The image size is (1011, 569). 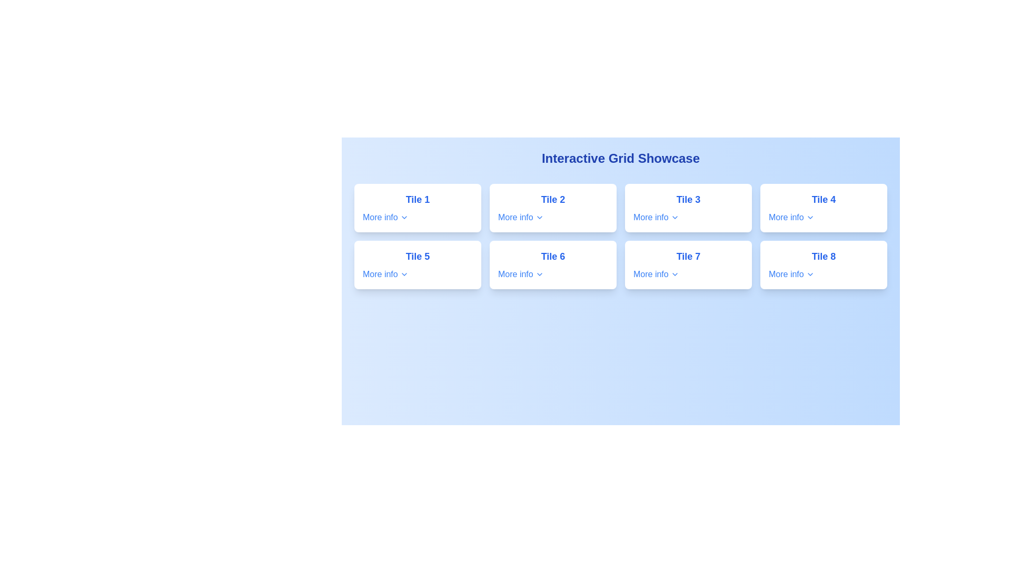 I want to click on the text label styled in bold blue font reading 'Tile 6', which is centrally located in the second row of a two-row grid layout, so click(x=552, y=256).